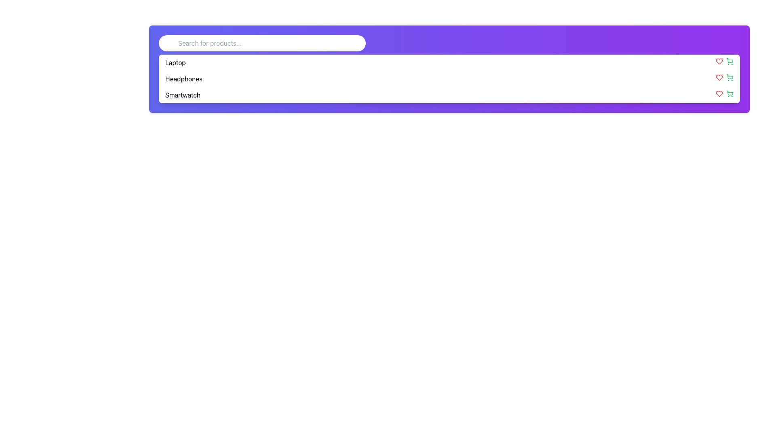  Describe the element at coordinates (449, 95) in the screenshot. I see `the third list item labeled 'Smartwatch', which is a horizontally-aligned bar with a white background and rounded corners` at that location.